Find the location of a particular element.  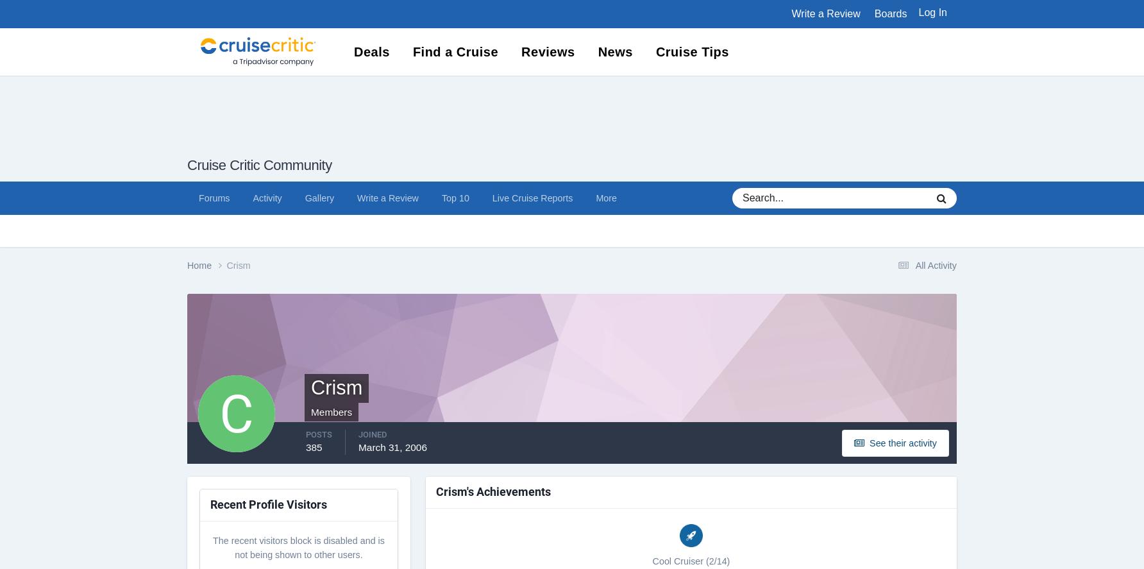

'Reviews' is located at coordinates (547, 51).